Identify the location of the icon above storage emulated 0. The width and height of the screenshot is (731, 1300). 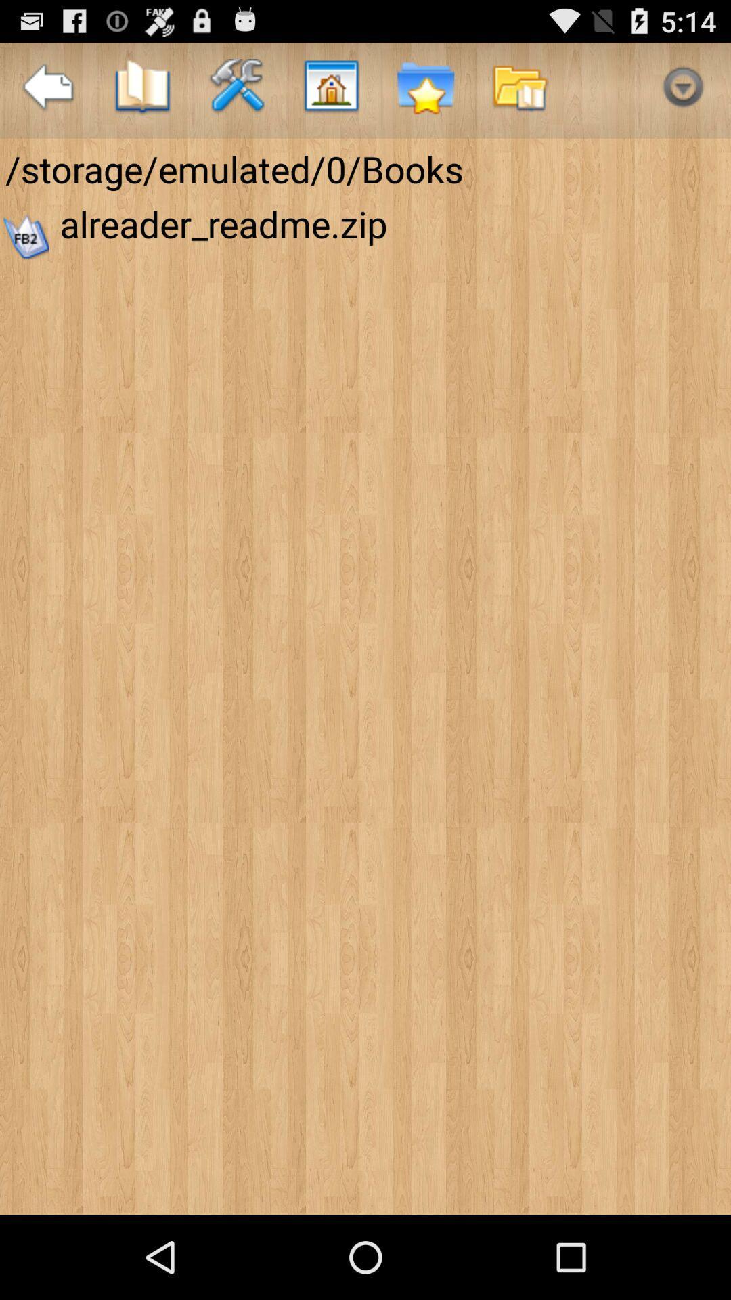
(424, 89).